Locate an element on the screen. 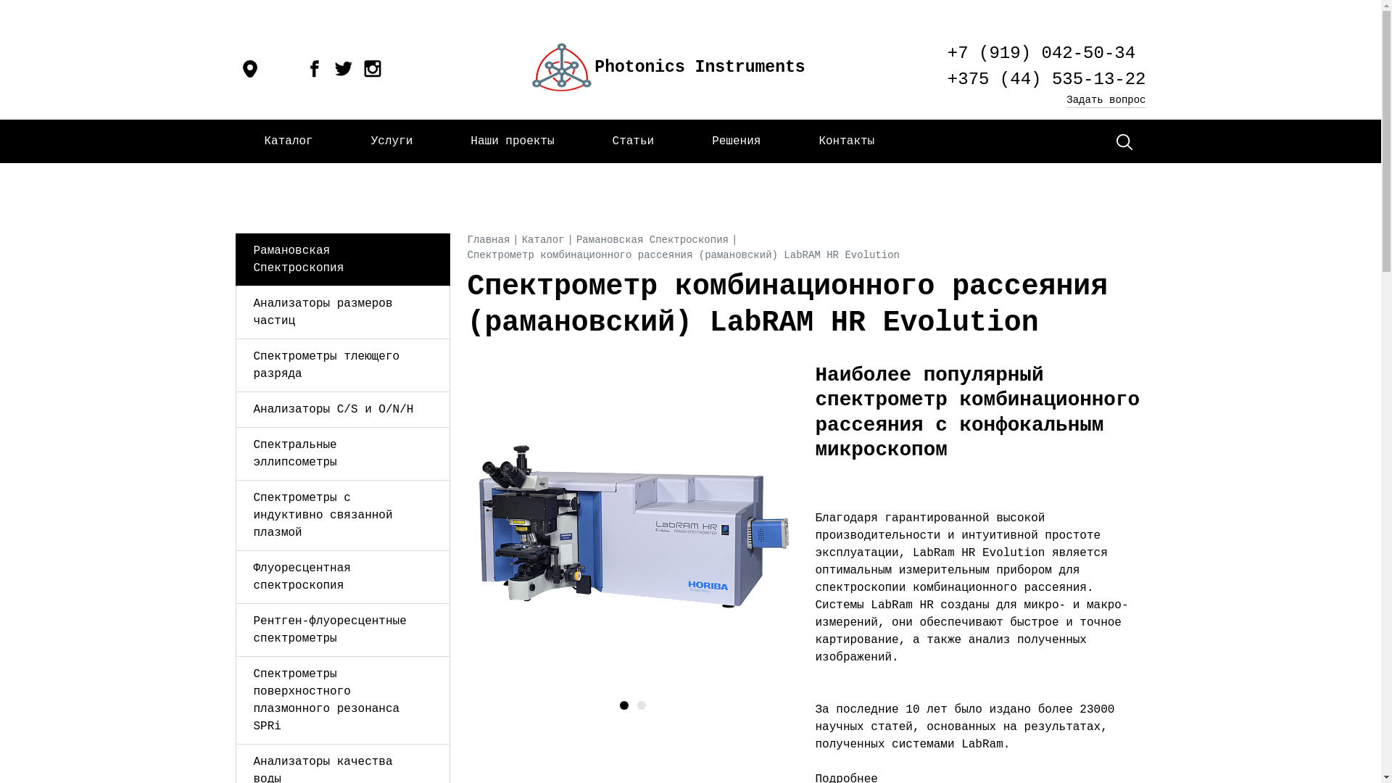 The height and width of the screenshot is (783, 1392). 'Photonics Instruments' is located at coordinates (666, 69).